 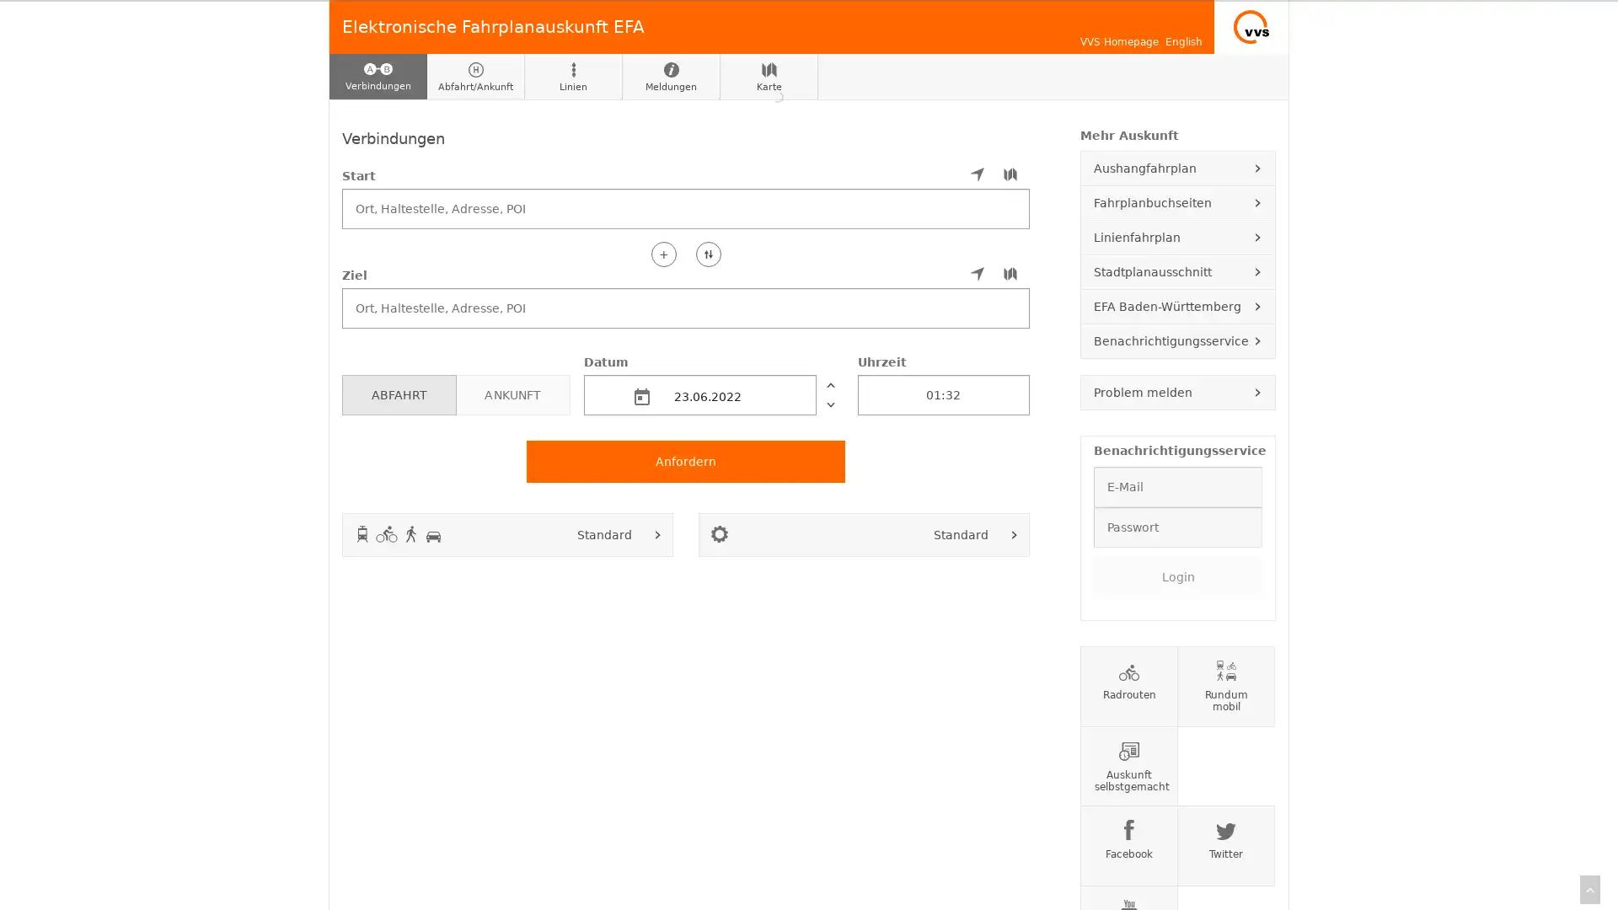 What do you see at coordinates (686, 461) in the screenshot?
I see `Anfordern` at bounding box center [686, 461].